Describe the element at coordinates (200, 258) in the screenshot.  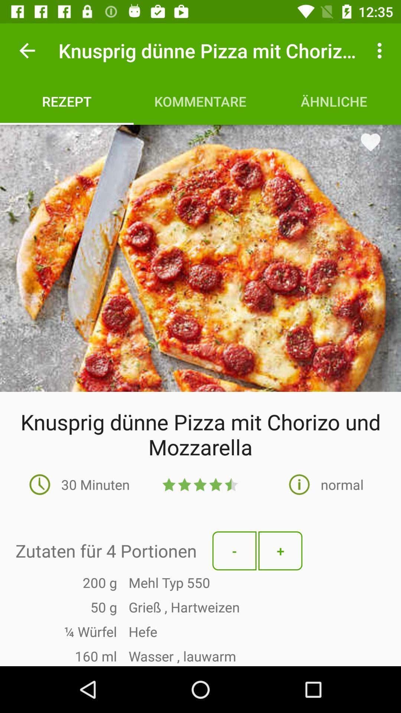
I see `the icon below rezept item` at that location.